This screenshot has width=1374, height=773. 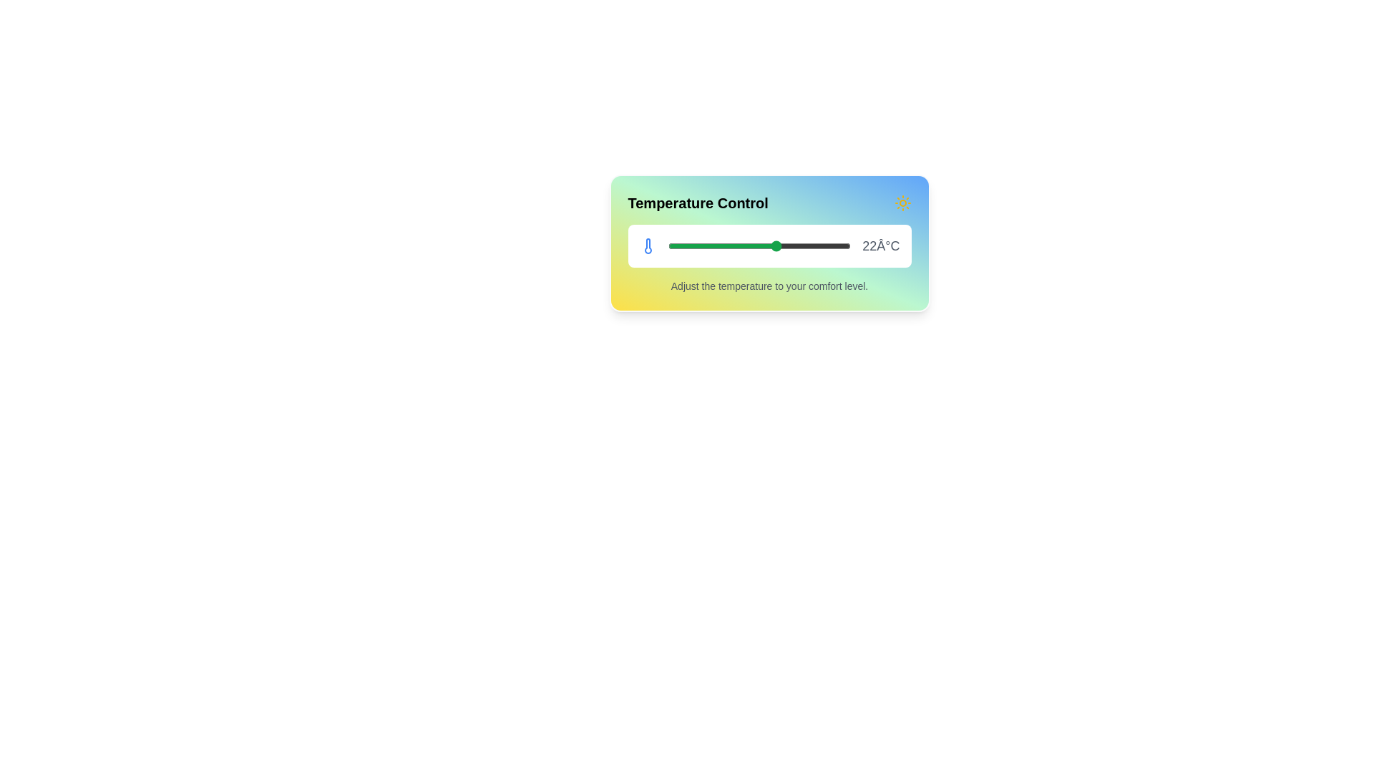 I want to click on the temperature, so click(x=786, y=242).